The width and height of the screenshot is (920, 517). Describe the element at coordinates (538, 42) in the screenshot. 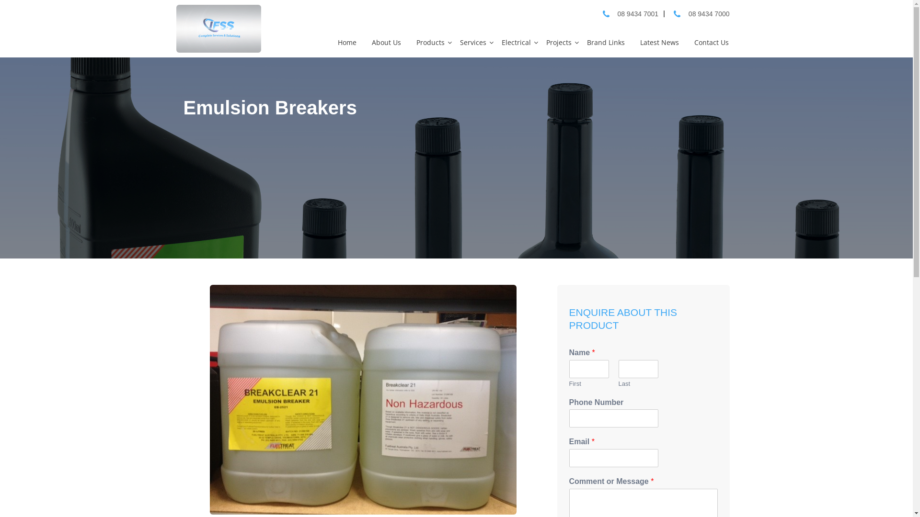

I see `'Projects'` at that location.